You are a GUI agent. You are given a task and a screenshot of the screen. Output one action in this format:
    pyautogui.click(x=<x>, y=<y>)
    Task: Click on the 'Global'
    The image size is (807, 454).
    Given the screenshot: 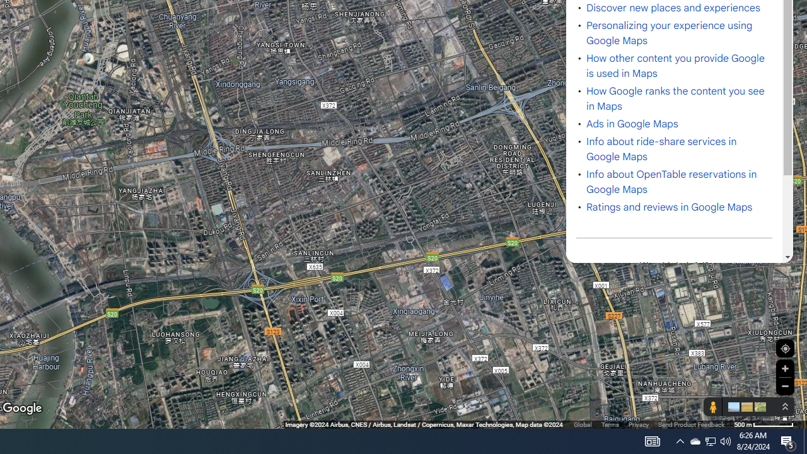 What is the action you would take?
    pyautogui.click(x=582, y=424)
    